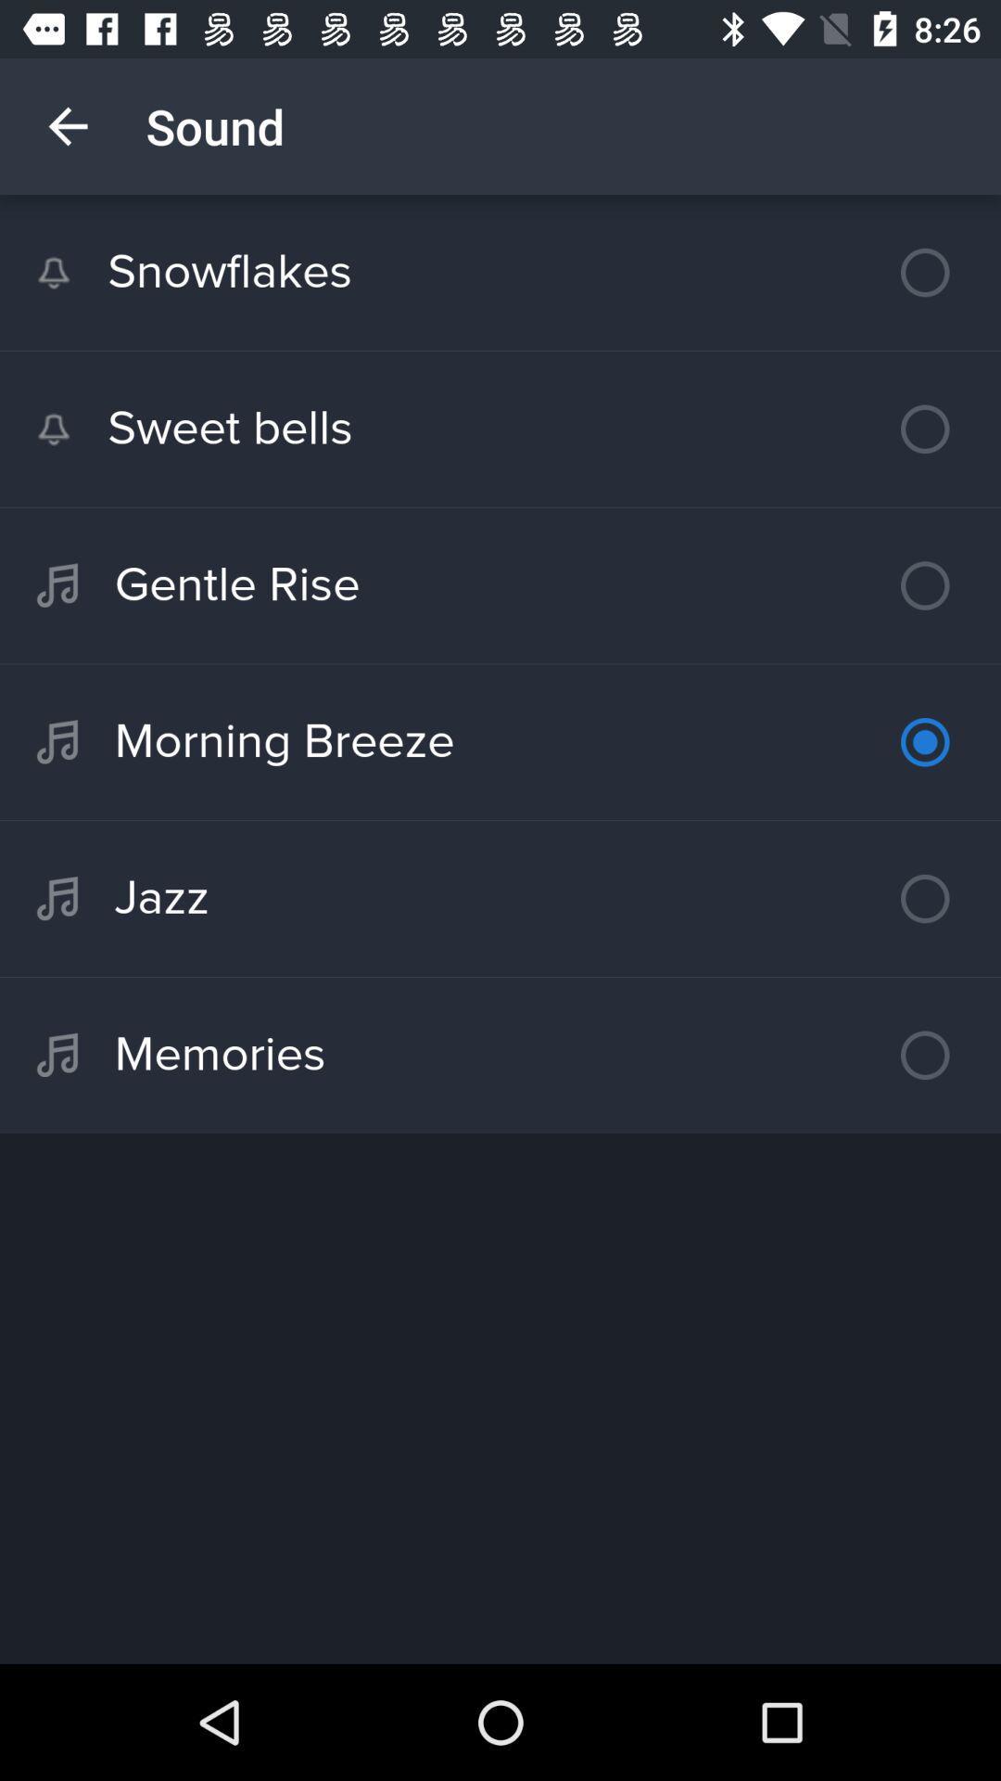  What do you see at coordinates (67, 125) in the screenshot?
I see `icon above the snowflakes` at bounding box center [67, 125].